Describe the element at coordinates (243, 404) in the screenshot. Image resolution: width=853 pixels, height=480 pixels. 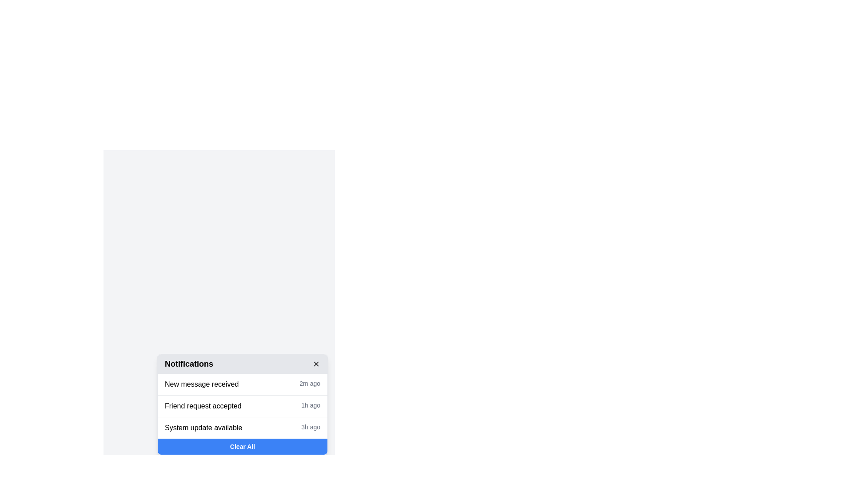
I see `the notification dropdown menu, which displays recent alerts or updates` at that location.